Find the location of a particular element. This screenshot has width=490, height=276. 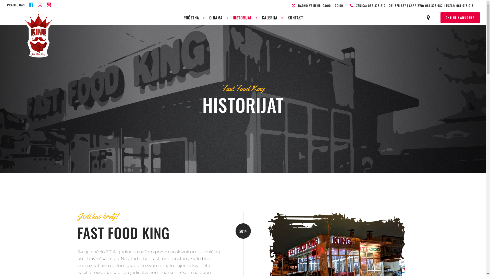

'O NAMA' is located at coordinates (216, 17).